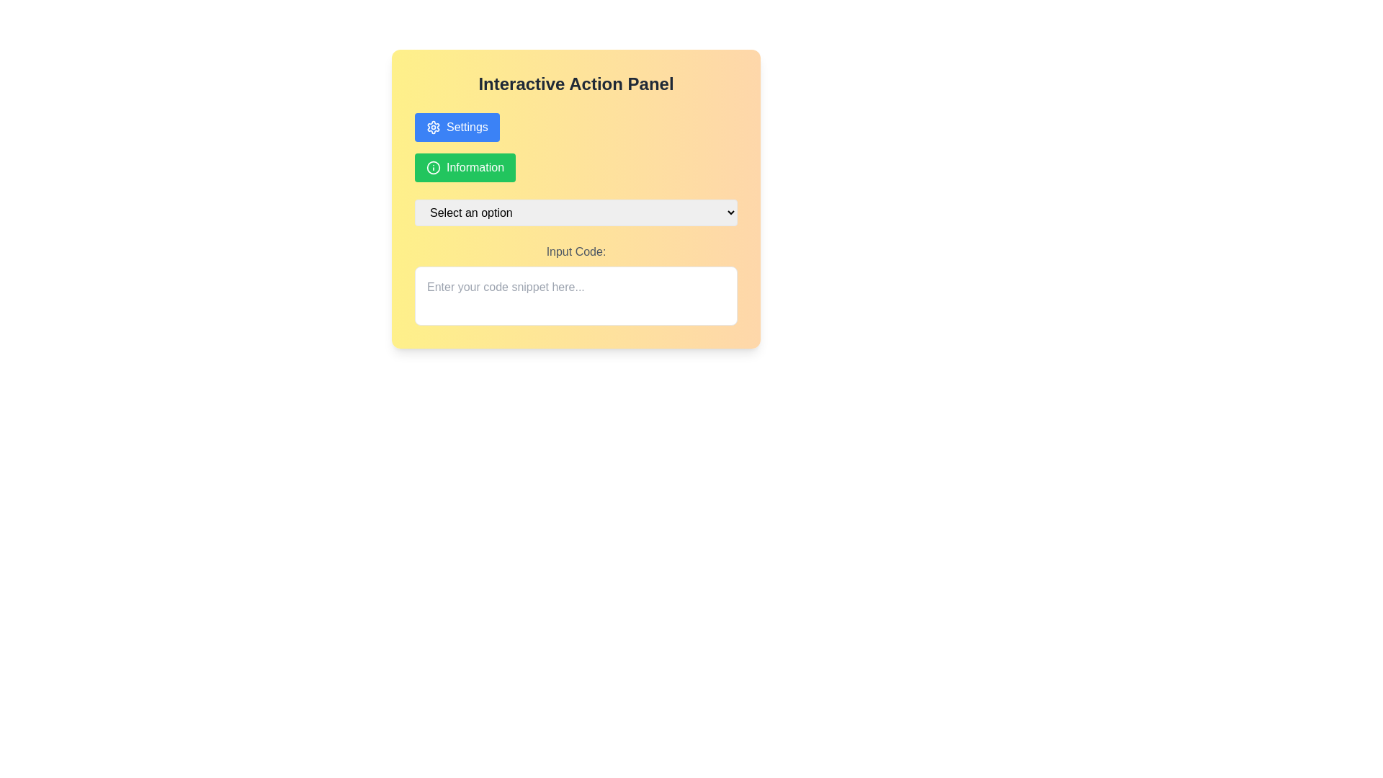 This screenshot has height=778, width=1383. Describe the element at coordinates (576, 251) in the screenshot. I see `the text label displaying 'Input Code:' which is styled in gray and positioned above the text input box` at that location.